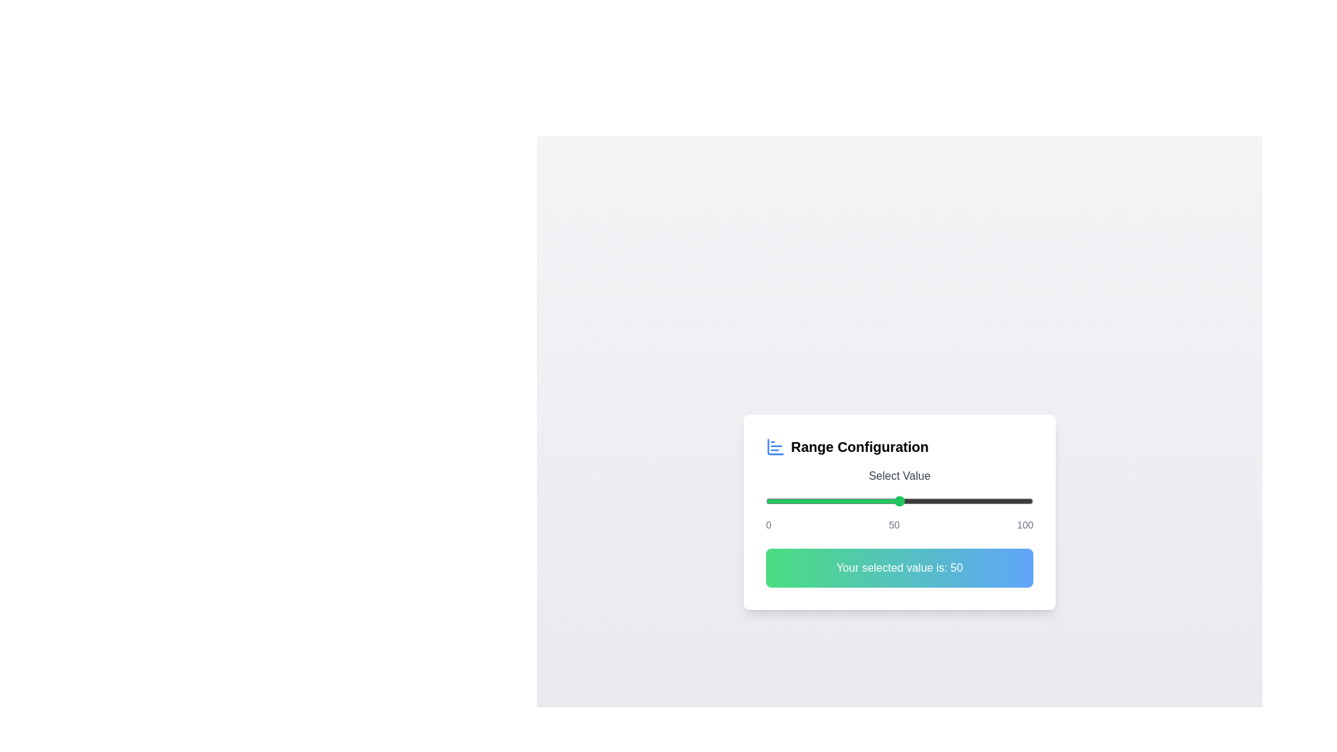  Describe the element at coordinates (782, 501) in the screenshot. I see `the slider to set the value to 6` at that location.